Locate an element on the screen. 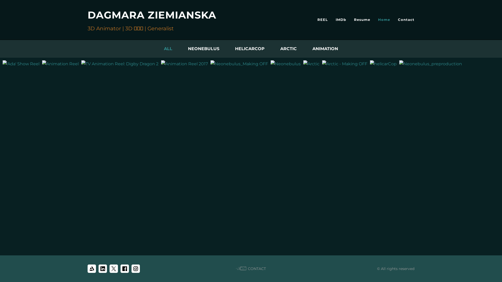 The image size is (502, 282). 'Home' is located at coordinates (384, 19).